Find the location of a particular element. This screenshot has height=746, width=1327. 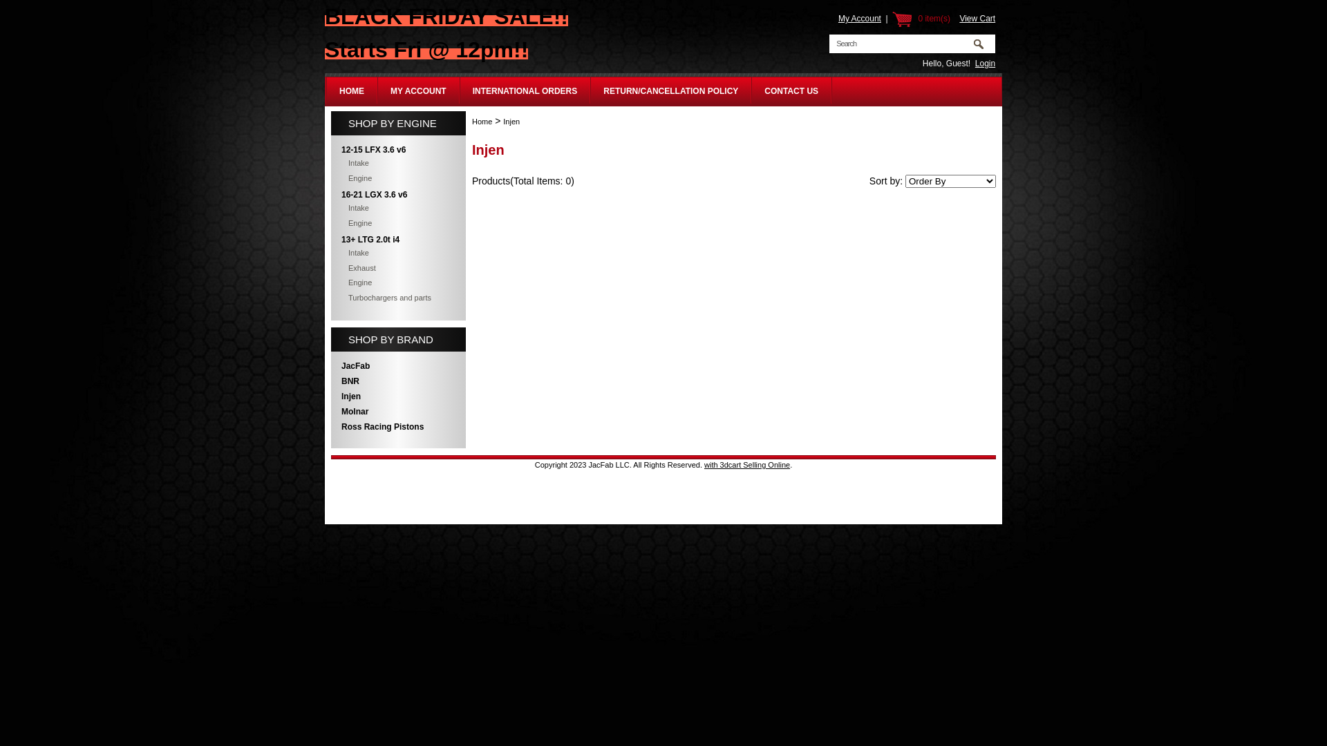

'Turbochargers and parts' is located at coordinates (397, 296).